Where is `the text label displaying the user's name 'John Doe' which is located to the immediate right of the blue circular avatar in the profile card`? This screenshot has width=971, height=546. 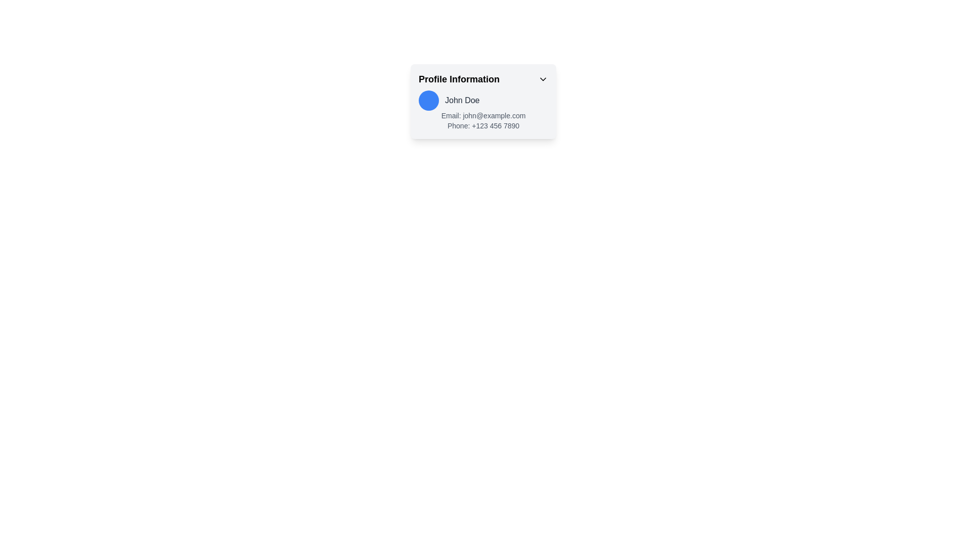 the text label displaying the user's name 'John Doe' which is located to the immediate right of the blue circular avatar in the profile card is located at coordinates (462, 101).